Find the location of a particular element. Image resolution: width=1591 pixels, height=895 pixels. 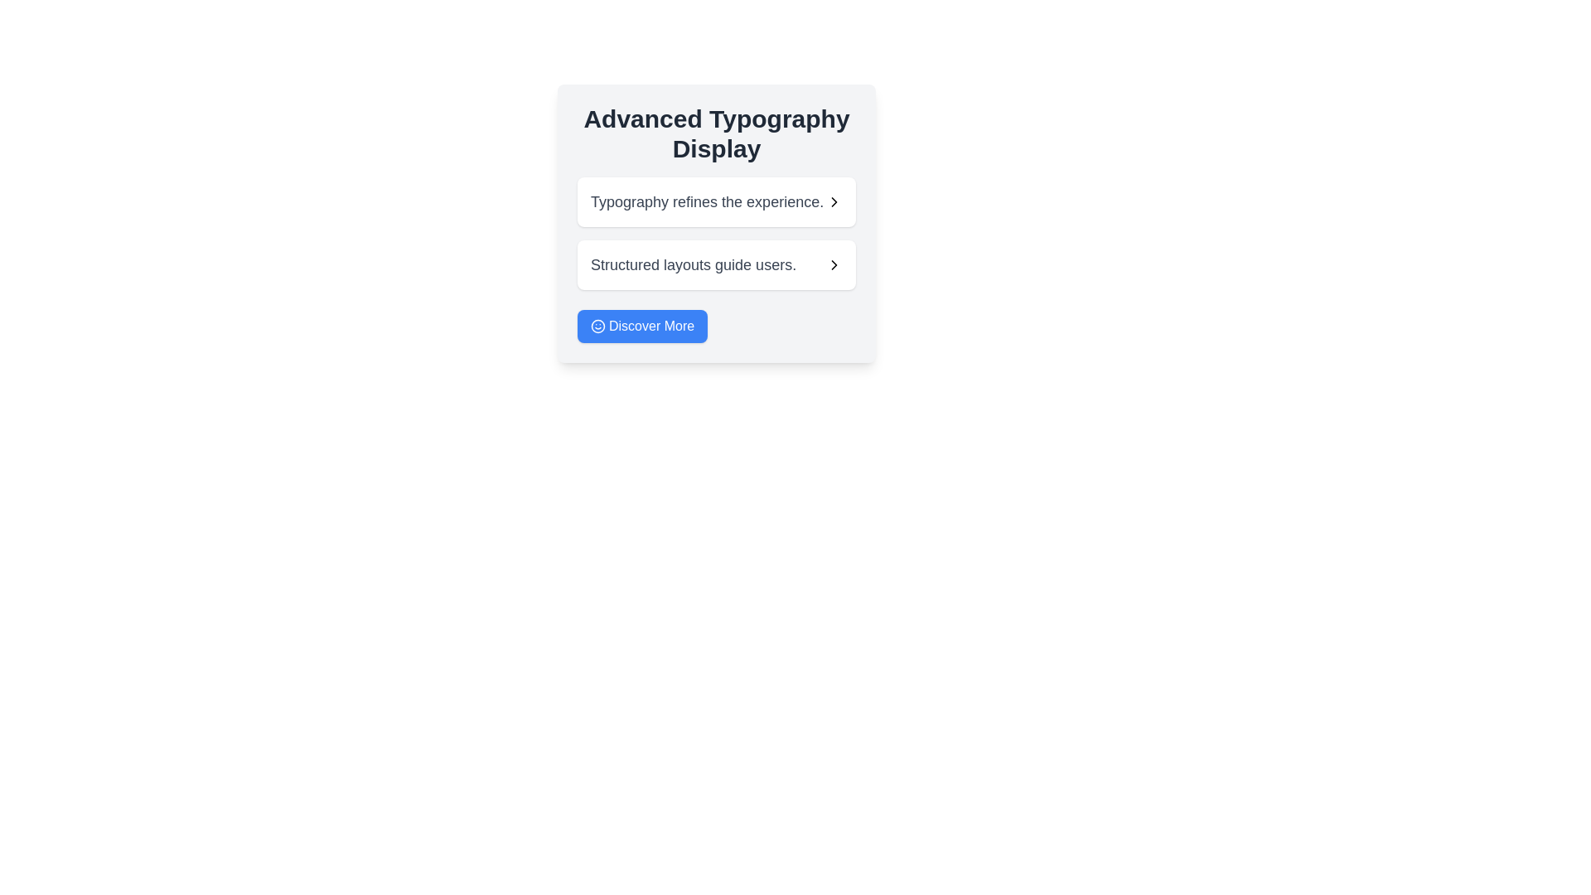

the circular smiley face icon located within the 'Discover More' button, which is centered inside the blue background rectangle is located at coordinates (597, 326).